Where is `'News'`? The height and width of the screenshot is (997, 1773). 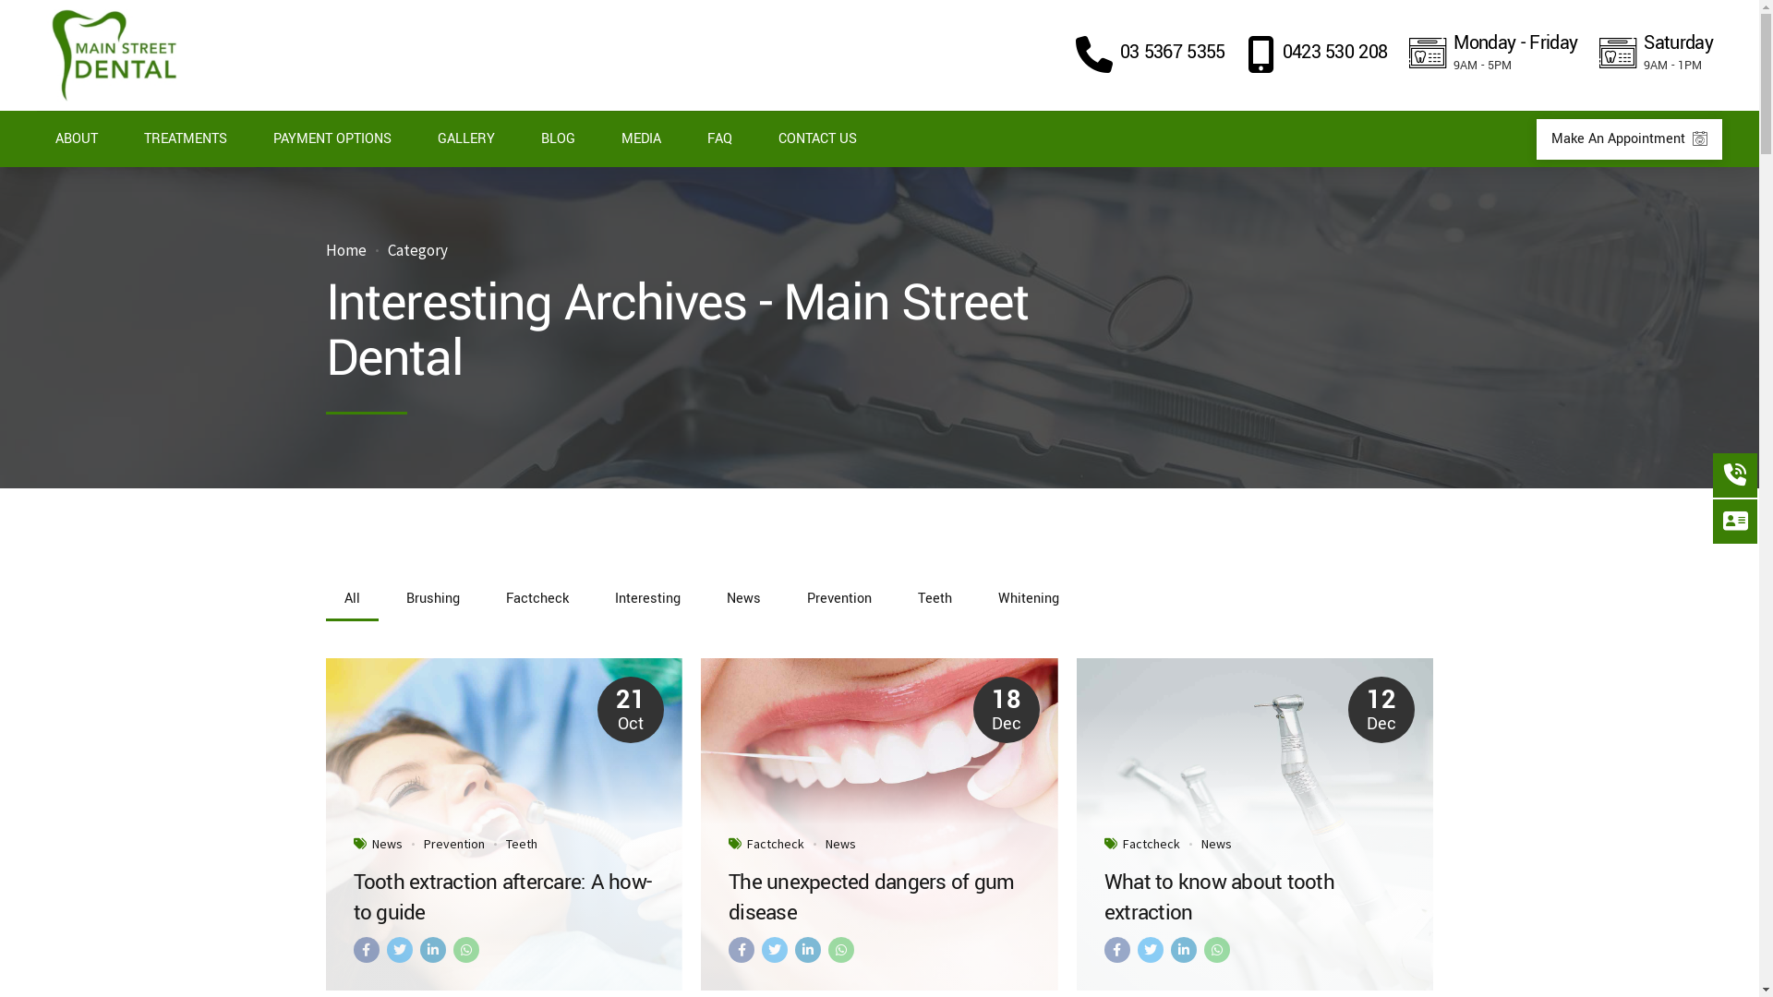 'News' is located at coordinates (839, 844).